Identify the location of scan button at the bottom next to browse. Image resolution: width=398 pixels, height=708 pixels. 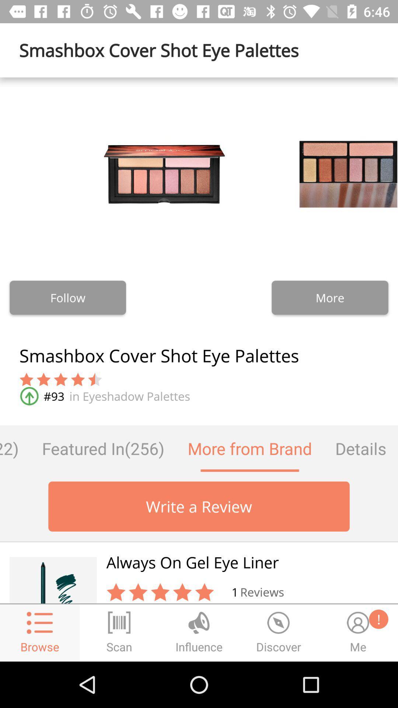
(119, 633).